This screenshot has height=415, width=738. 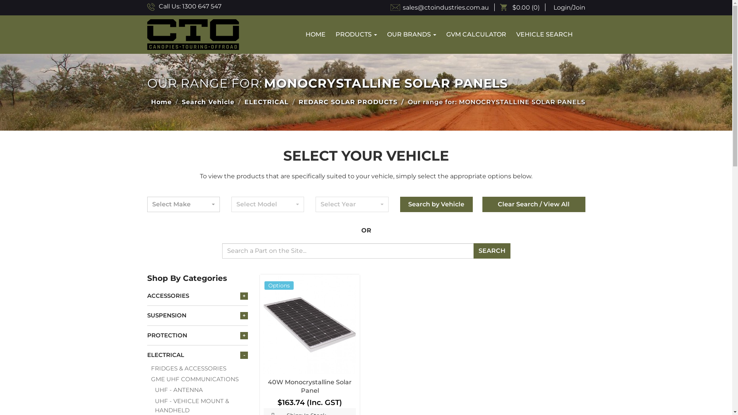 What do you see at coordinates (201, 6) in the screenshot?
I see `'1300 647 547'` at bounding box center [201, 6].